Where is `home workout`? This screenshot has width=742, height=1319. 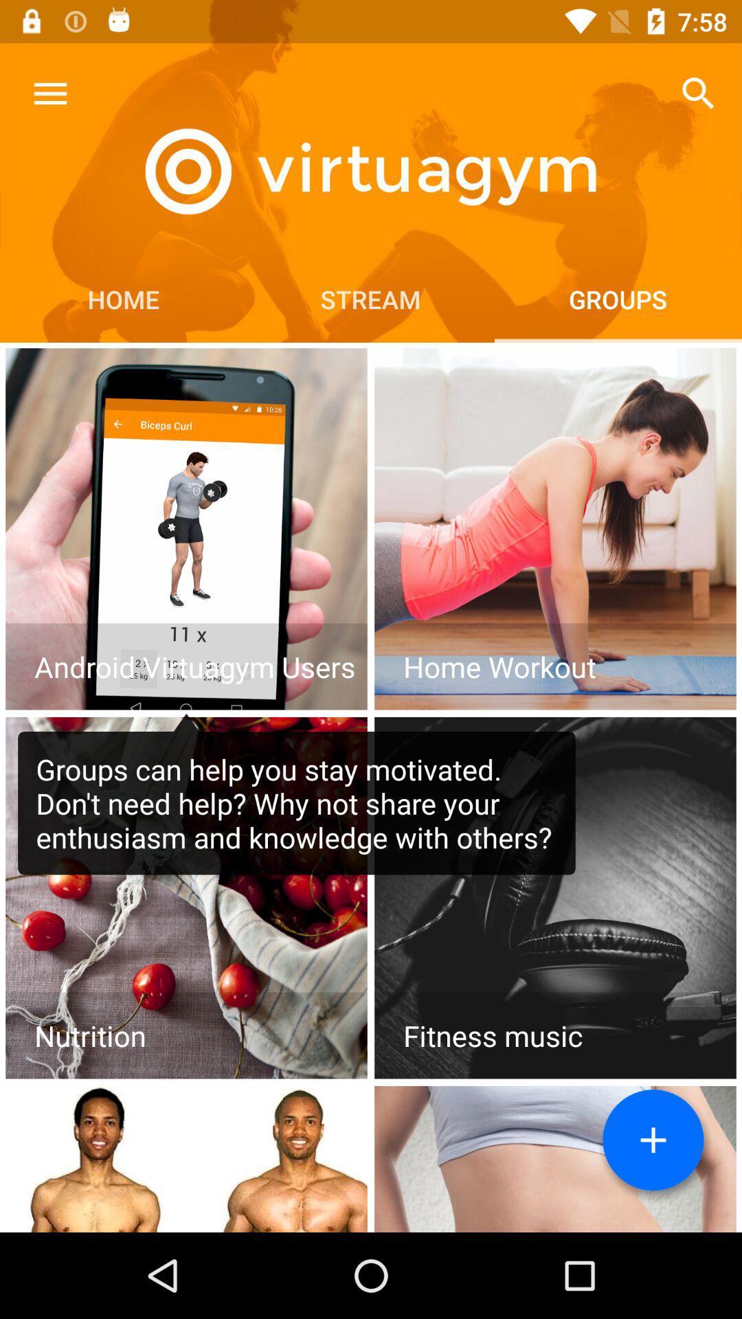
home workout is located at coordinates (554, 528).